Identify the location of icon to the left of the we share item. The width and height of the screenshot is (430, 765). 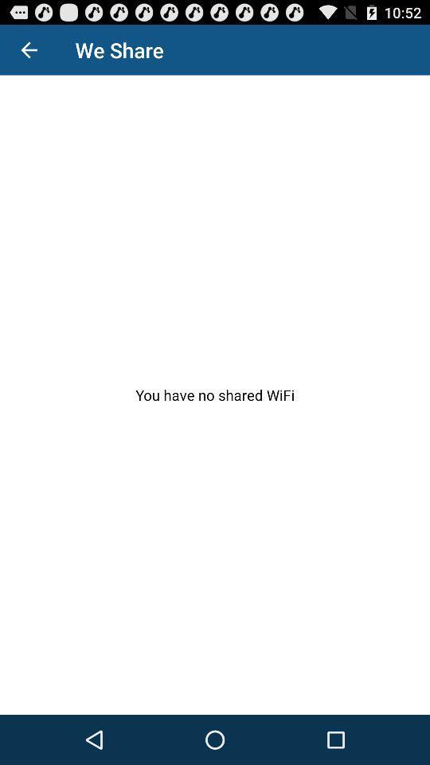
(29, 49).